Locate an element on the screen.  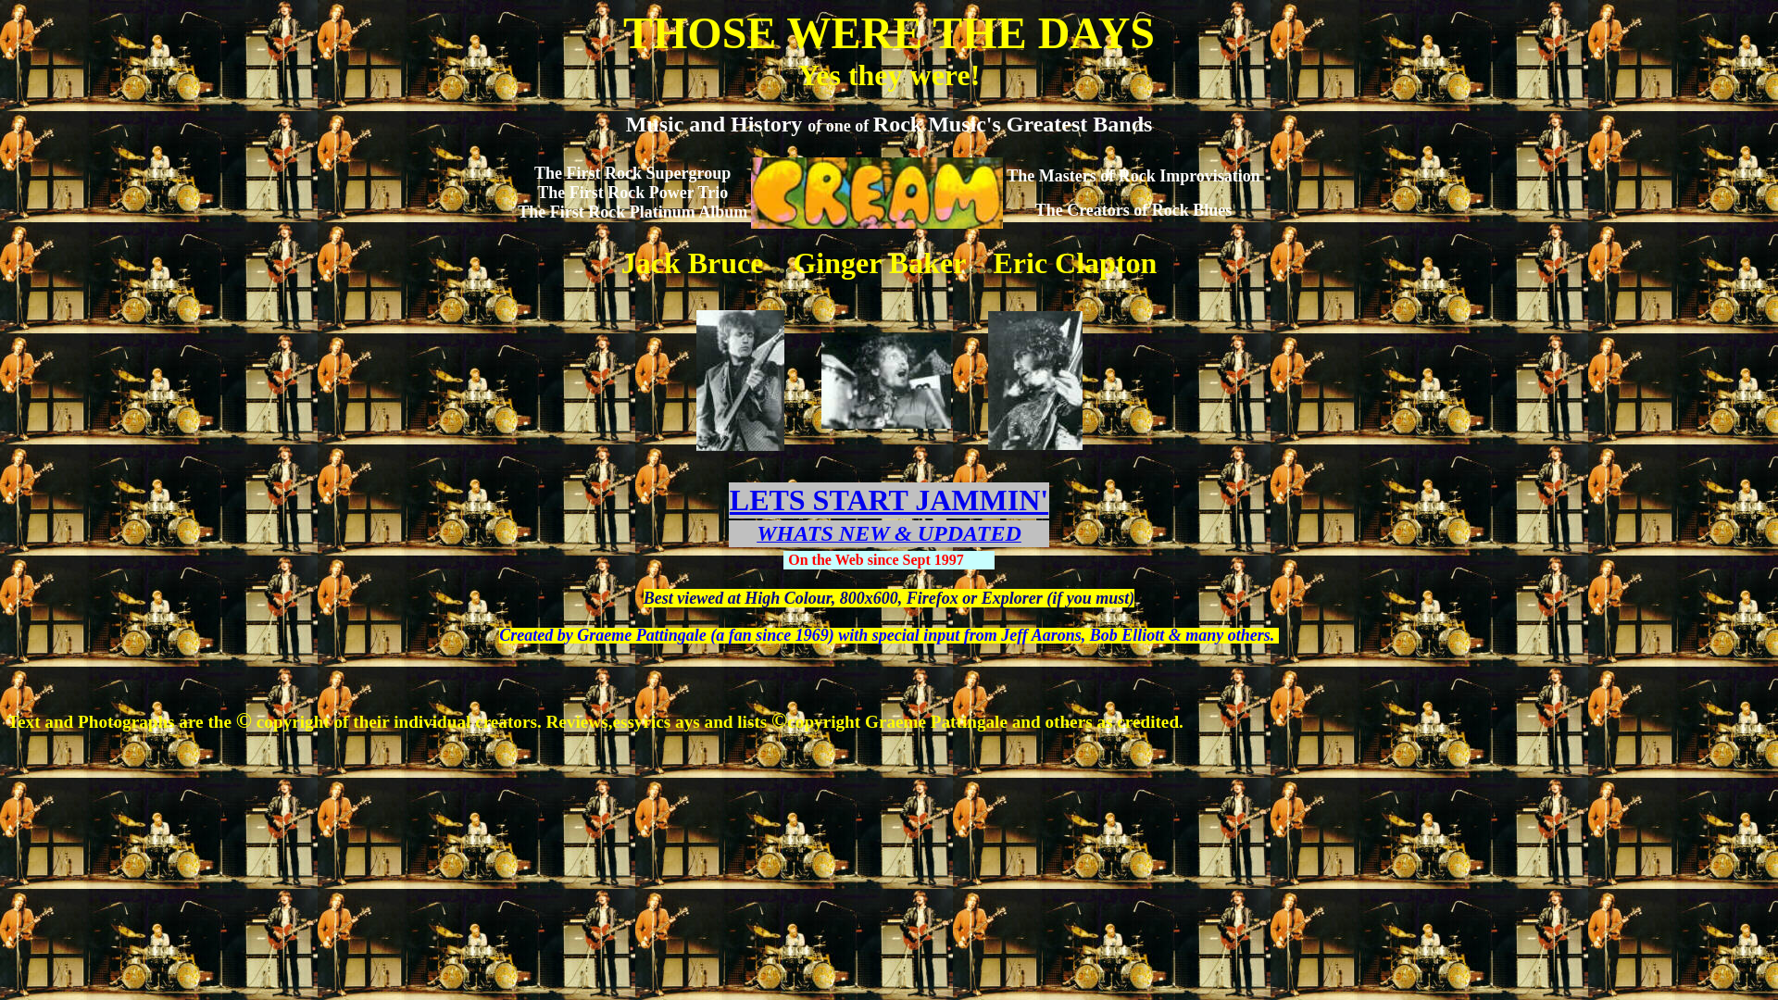
'WHATS NEW & UPDATED' is located at coordinates (889, 535).